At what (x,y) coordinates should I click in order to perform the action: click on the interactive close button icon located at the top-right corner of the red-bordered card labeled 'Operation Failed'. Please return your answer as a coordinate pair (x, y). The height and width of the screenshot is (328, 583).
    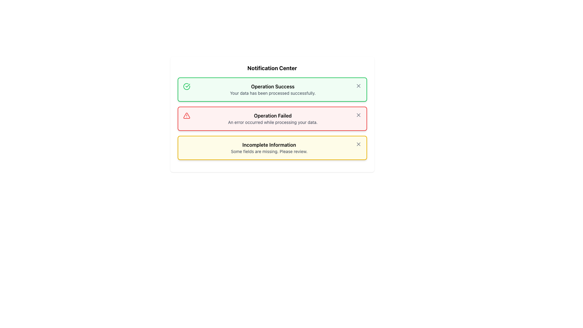
    Looking at the image, I should click on (358, 115).